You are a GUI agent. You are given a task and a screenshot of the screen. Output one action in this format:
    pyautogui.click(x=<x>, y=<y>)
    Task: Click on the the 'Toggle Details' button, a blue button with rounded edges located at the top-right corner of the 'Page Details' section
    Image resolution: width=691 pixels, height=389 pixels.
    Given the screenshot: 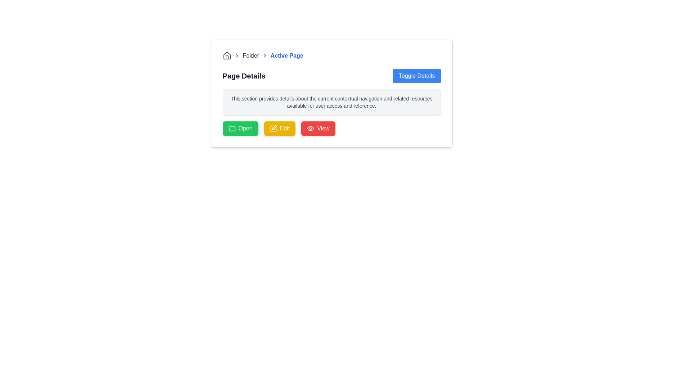 What is the action you would take?
    pyautogui.click(x=417, y=76)
    